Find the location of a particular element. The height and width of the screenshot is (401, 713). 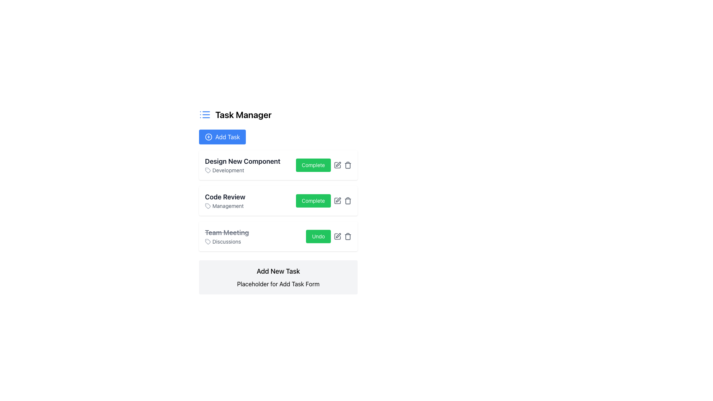

the 'Code Review' text label, which is bold and larger in font, displaying a task or category heading within the Task Manager list is located at coordinates (225, 197).